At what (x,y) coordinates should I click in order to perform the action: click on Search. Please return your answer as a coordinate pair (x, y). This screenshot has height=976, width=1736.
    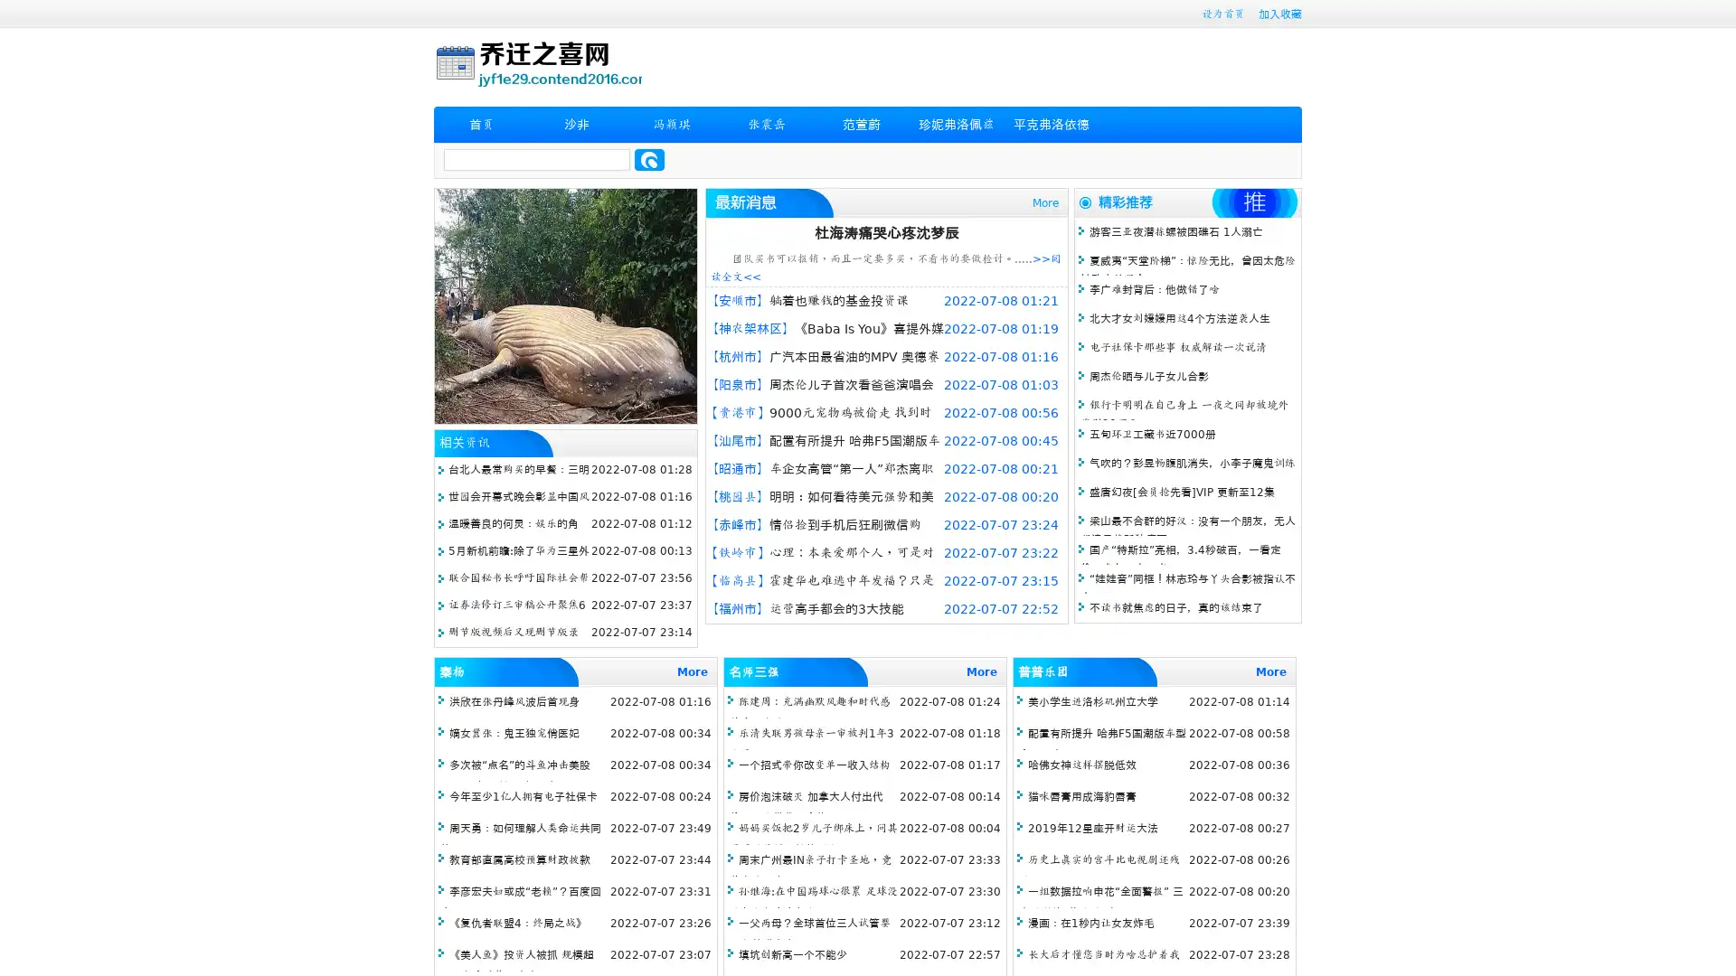
    Looking at the image, I should click on (649, 159).